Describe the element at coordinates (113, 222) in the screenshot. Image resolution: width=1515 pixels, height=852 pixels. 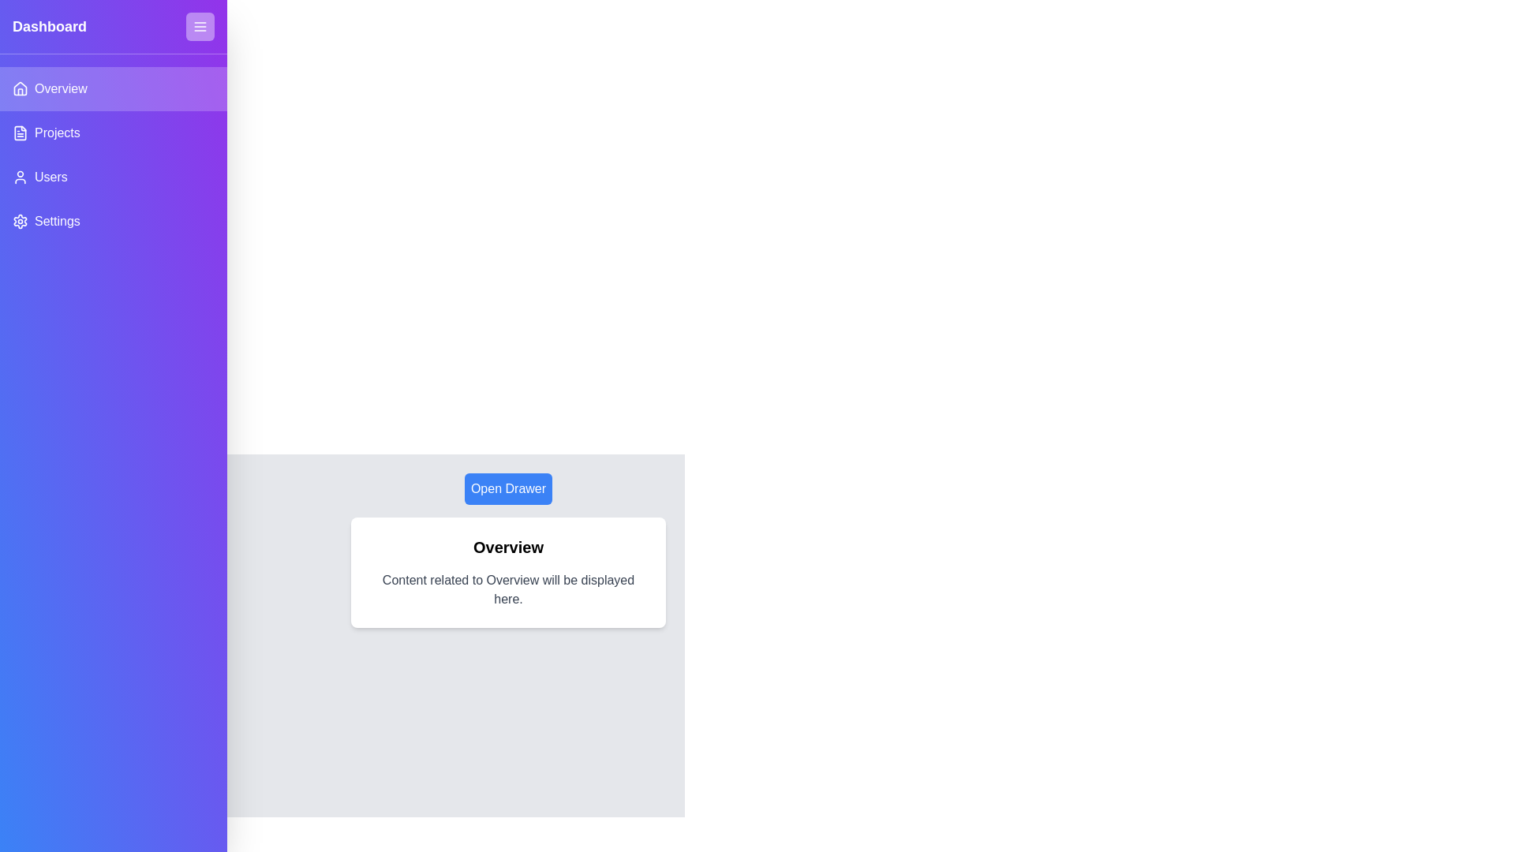
I see `the menu item Settings from the list` at that location.